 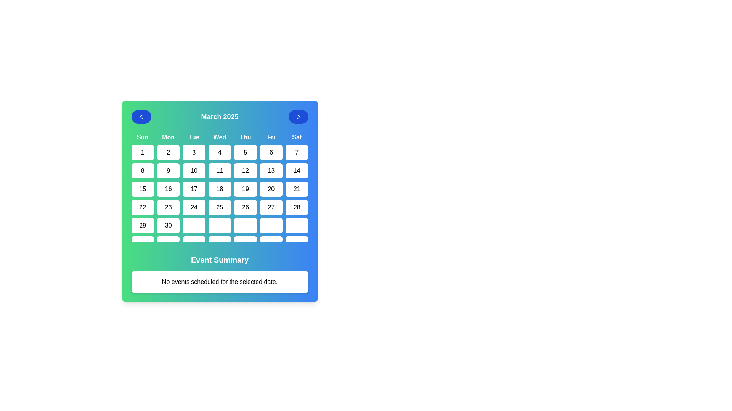 What do you see at coordinates (298, 117) in the screenshot?
I see `the rightward-chevron icon within the circular blue navigation button at the top-right corner of the calendar interface` at bounding box center [298, 117].